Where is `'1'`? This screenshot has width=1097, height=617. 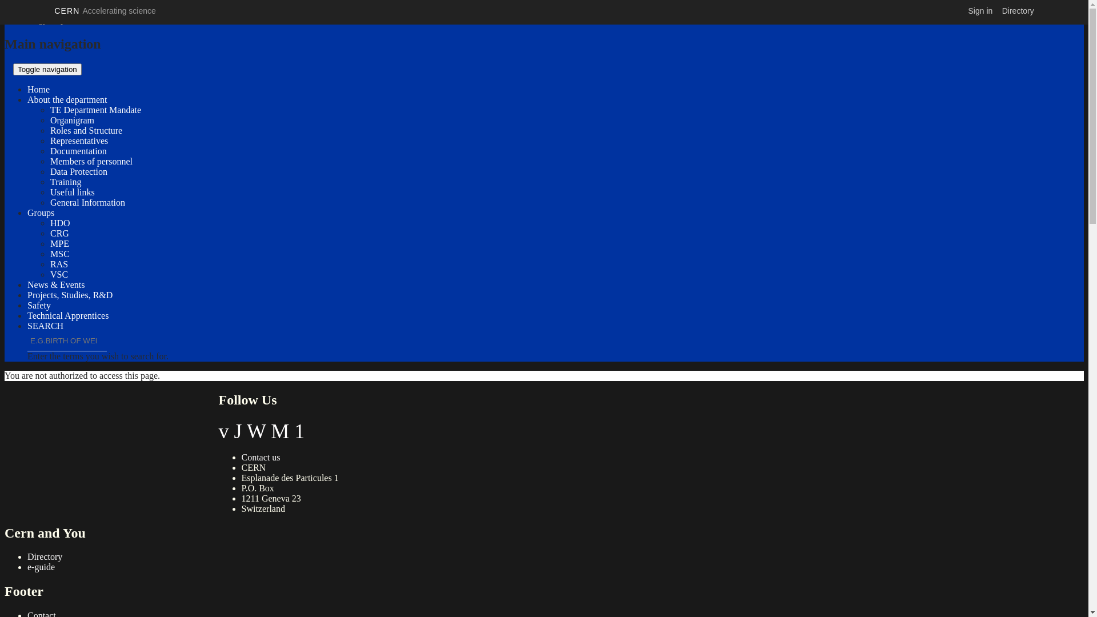 '1' is located at coordinates (294, 431).